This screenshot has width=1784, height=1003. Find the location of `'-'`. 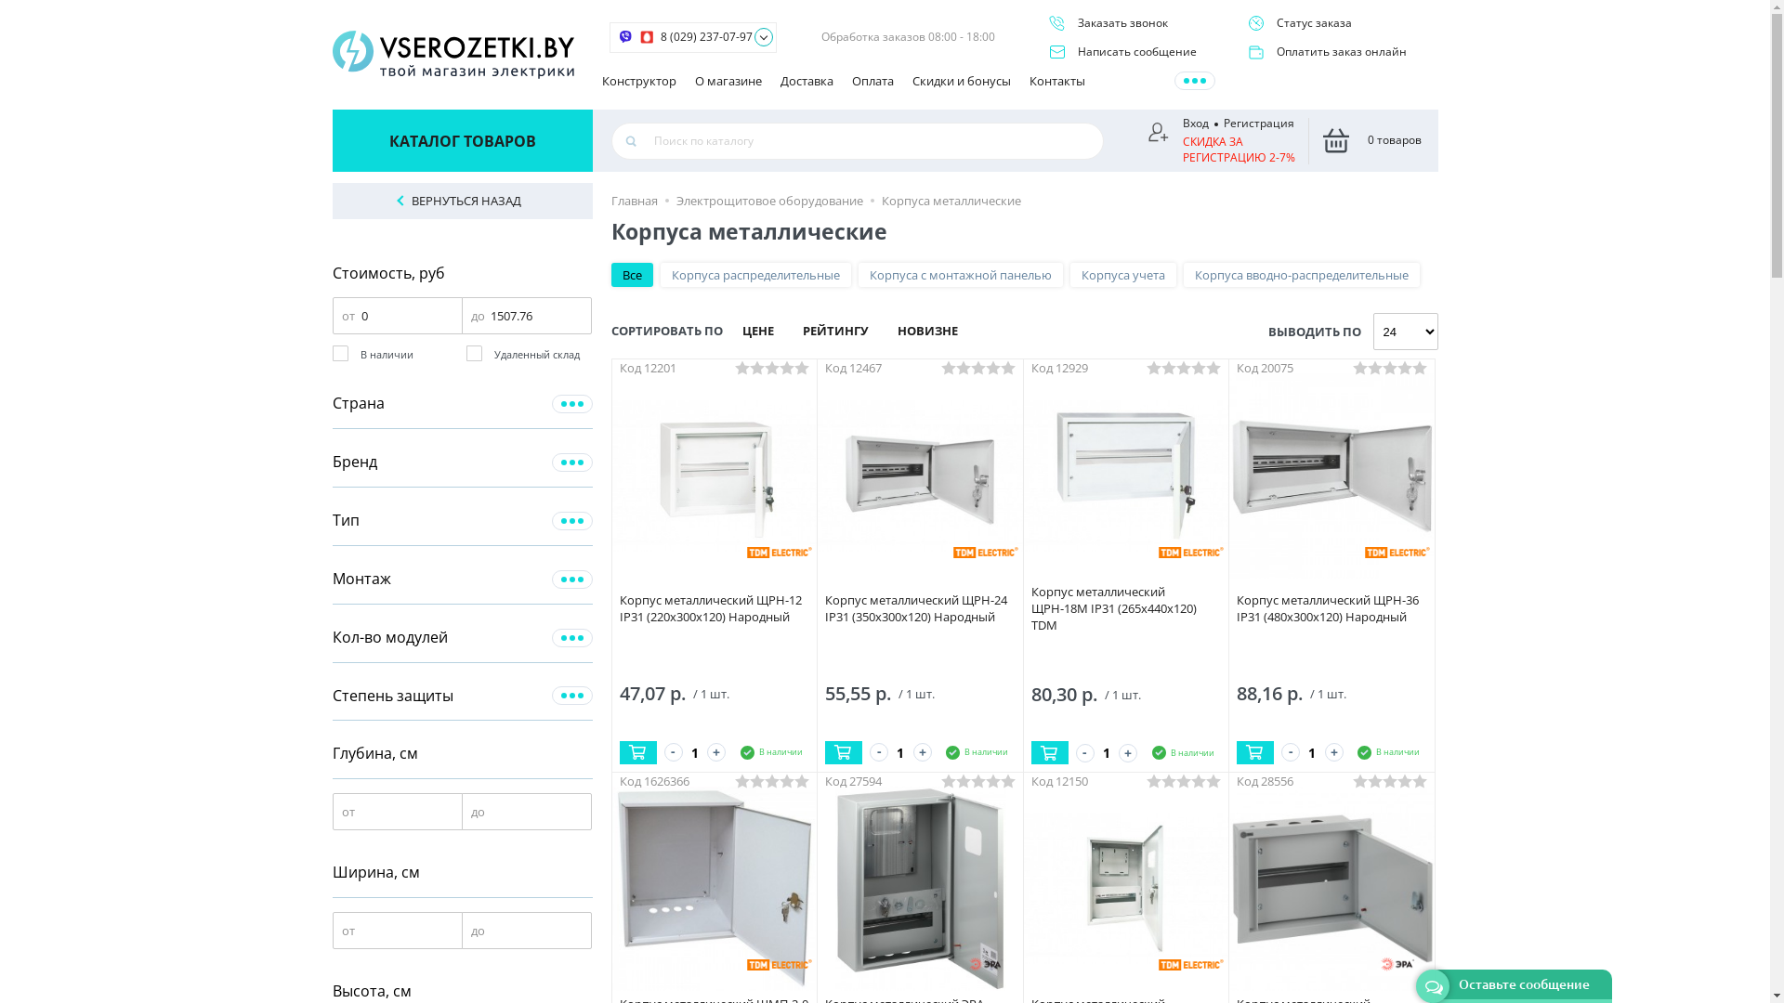

'-' is located at coordinates (672, 752).